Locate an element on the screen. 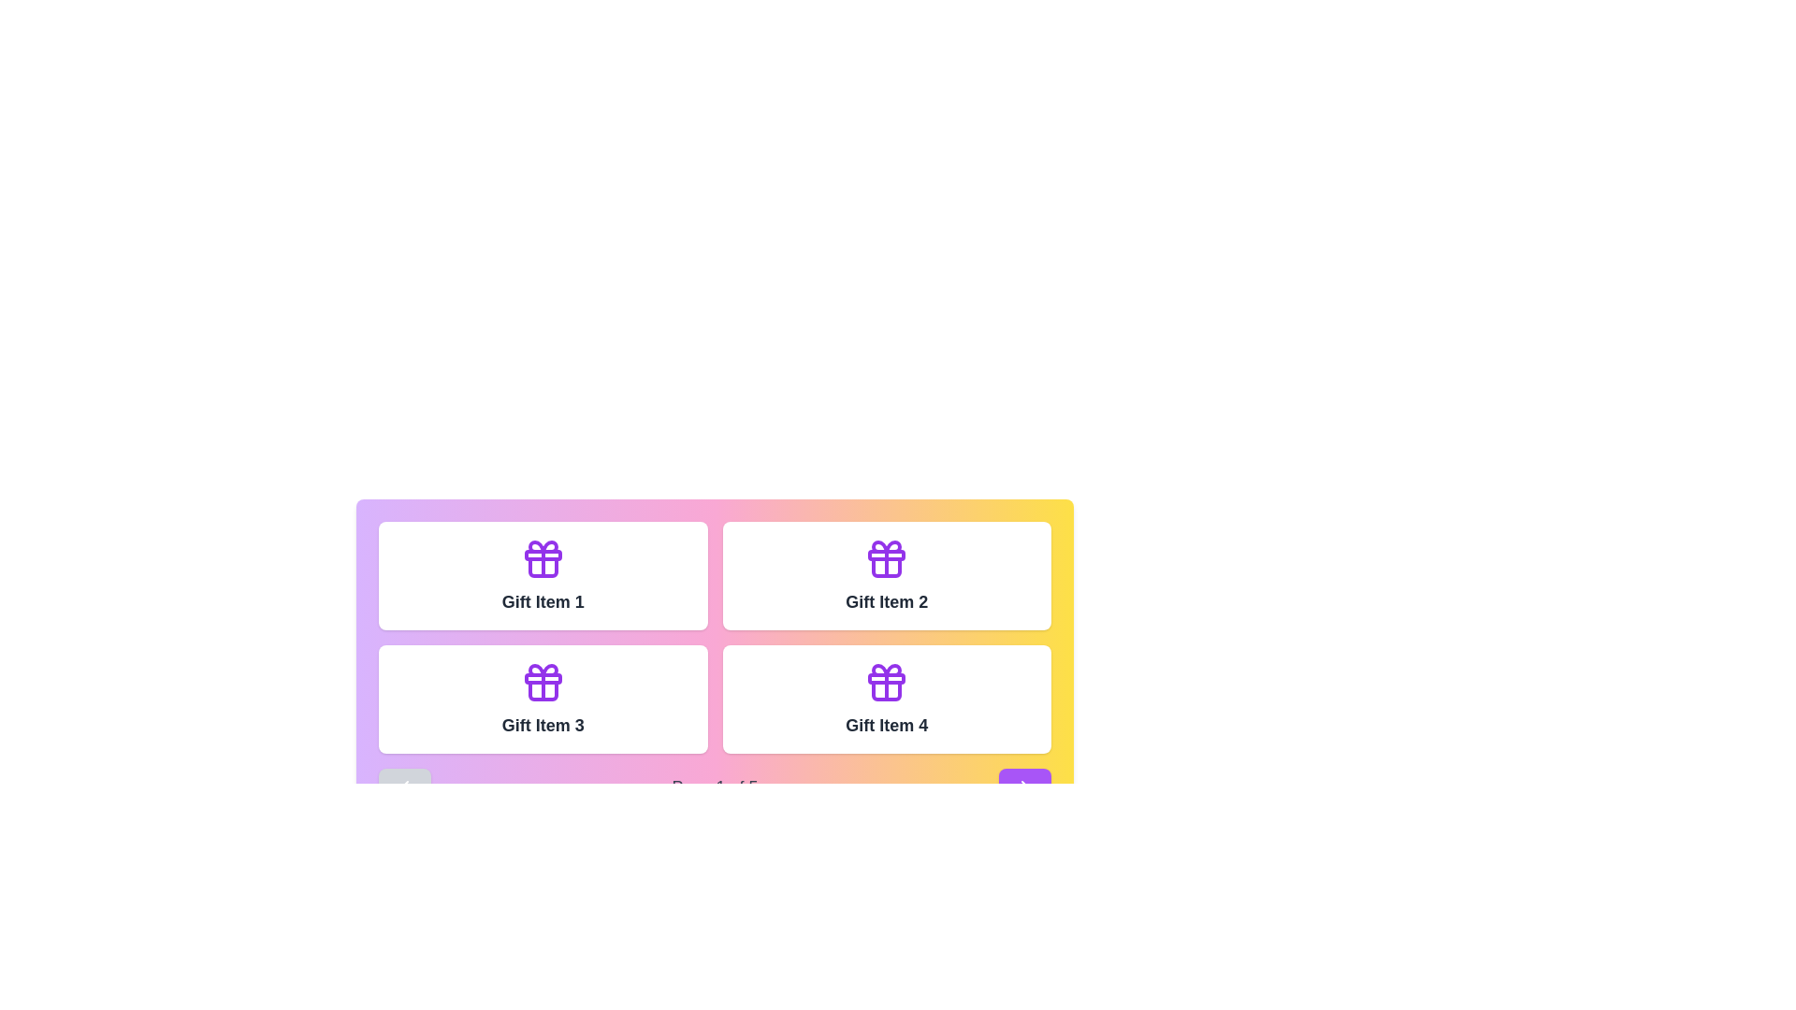 The width and height of the screenshot is (1796, 1010). the purple rounded button containing the forward vector graphic icon is located at coordinates (1023, 786).